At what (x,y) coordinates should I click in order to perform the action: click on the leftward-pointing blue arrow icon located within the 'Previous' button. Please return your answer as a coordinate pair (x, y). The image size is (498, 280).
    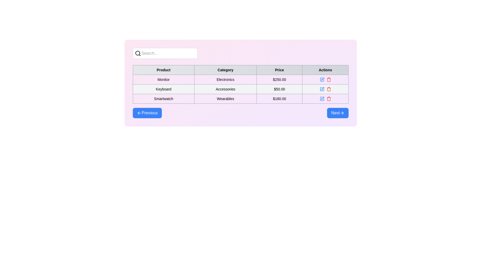
    Looking at the image, I should click on (139, 113).